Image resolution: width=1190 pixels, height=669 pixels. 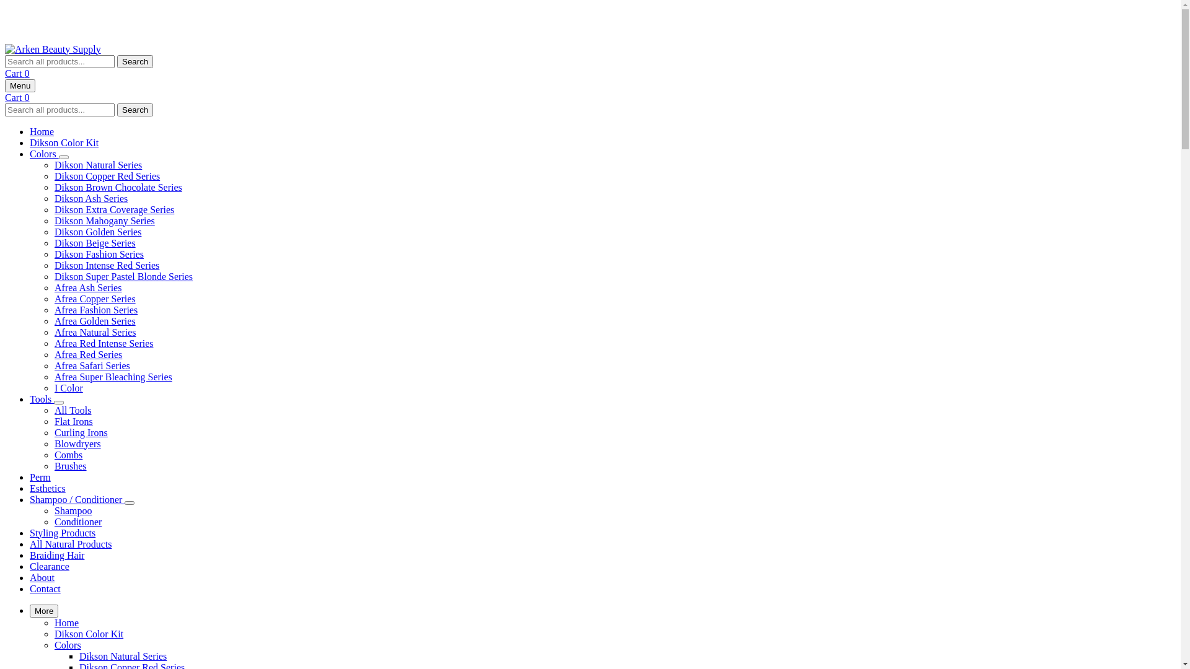 I want to click on 'Home', so click(x=66, y=622).